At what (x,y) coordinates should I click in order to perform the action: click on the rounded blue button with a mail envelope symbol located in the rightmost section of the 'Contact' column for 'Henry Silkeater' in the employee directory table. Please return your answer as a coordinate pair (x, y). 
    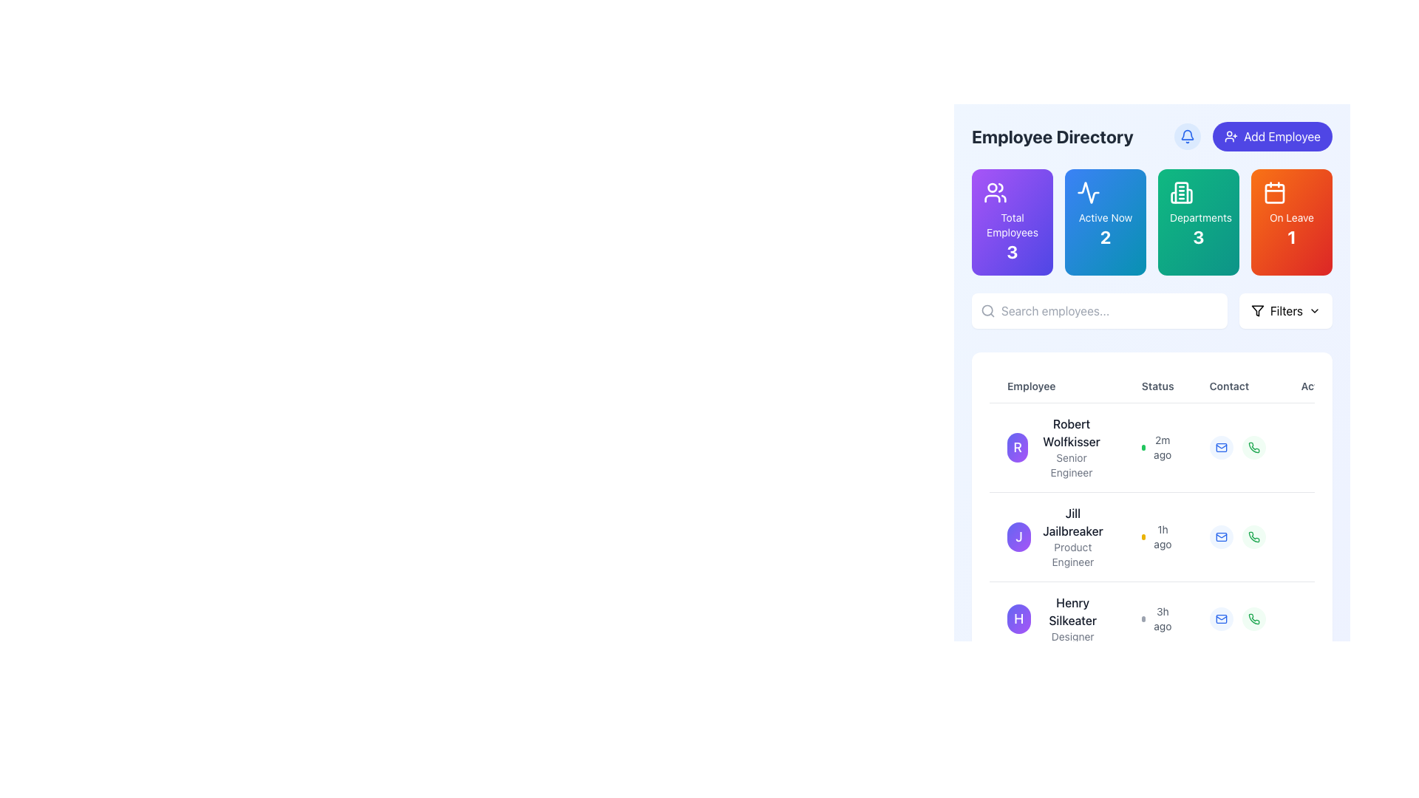
    Looking at the image, I should click on (1221, 618).